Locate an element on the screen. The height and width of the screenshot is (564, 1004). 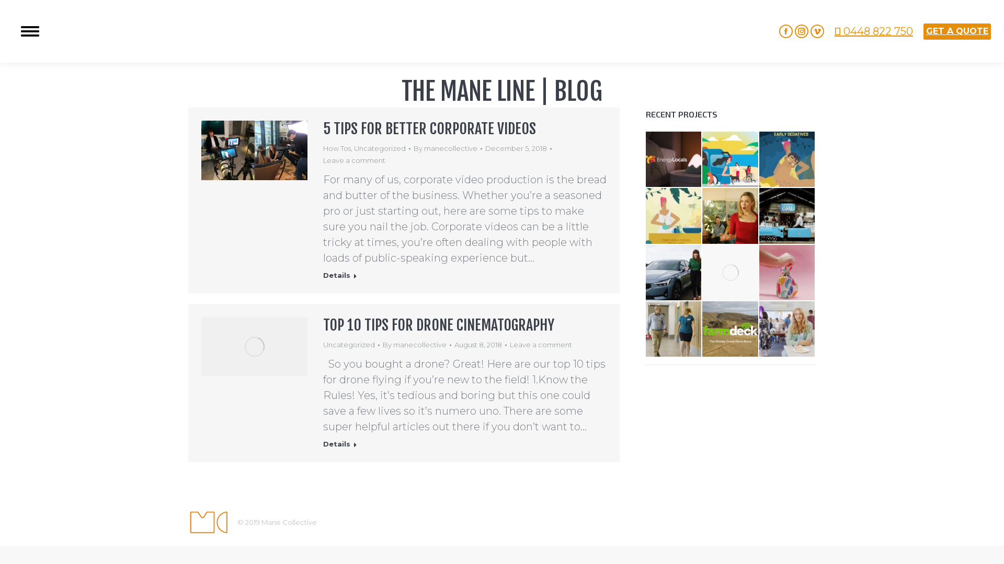
'Details' is located at coordinates (340, 445).